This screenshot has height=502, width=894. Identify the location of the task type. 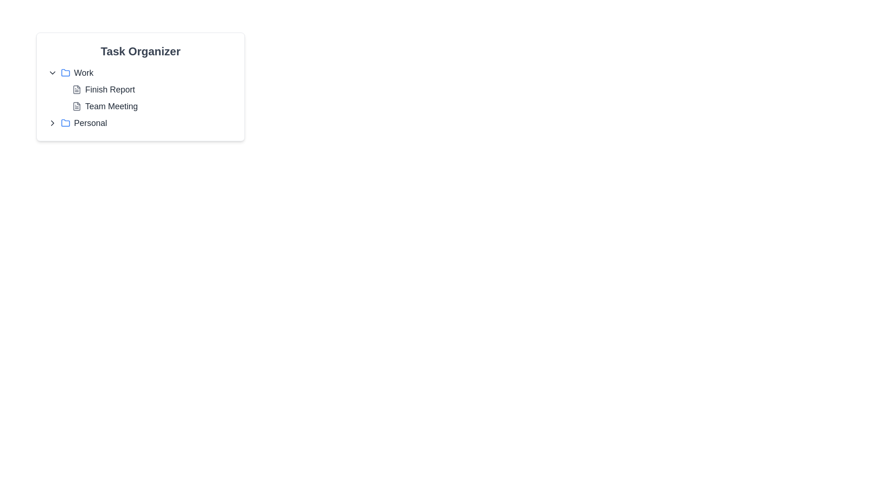
(76, 106).